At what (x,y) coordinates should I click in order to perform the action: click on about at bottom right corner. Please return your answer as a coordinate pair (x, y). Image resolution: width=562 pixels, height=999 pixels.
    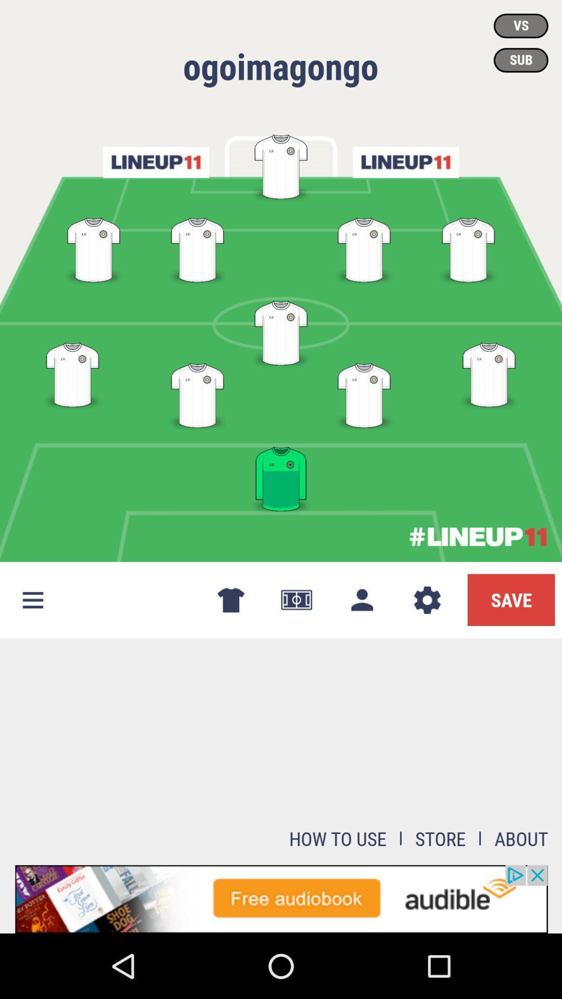
    Looking at the image, I should click on (521, 839).